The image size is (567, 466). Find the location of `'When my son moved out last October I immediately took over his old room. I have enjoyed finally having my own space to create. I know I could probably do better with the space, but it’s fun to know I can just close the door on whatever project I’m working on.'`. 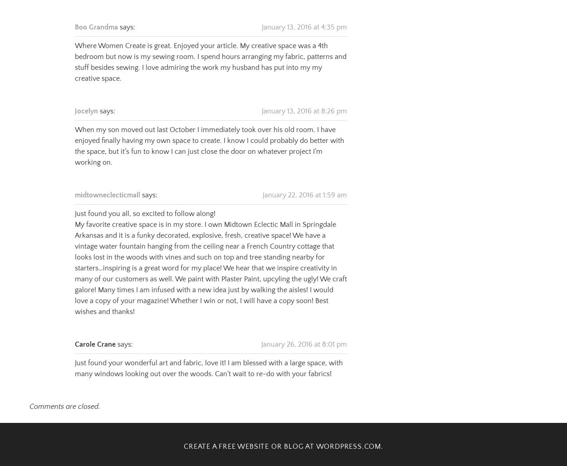

'When my son moved out last October I immediately took over his old room. I have enjoyed finally having my own space to create. I know I could probably do better with the space, but it’s fun to know I can just close the door on whatever project I’m working on.' is located at coordinates (209, 134).